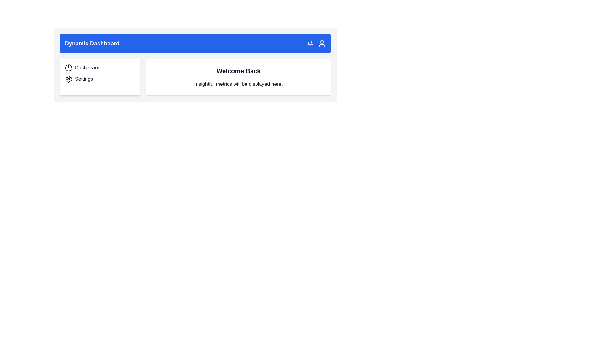 The image size is (602, 338). Describe the element at coordinates (69, 79) in the screenshot. I see `the gear-shaped icon representing settings located to the left of the 'Settings' text in the menu card` at that location.